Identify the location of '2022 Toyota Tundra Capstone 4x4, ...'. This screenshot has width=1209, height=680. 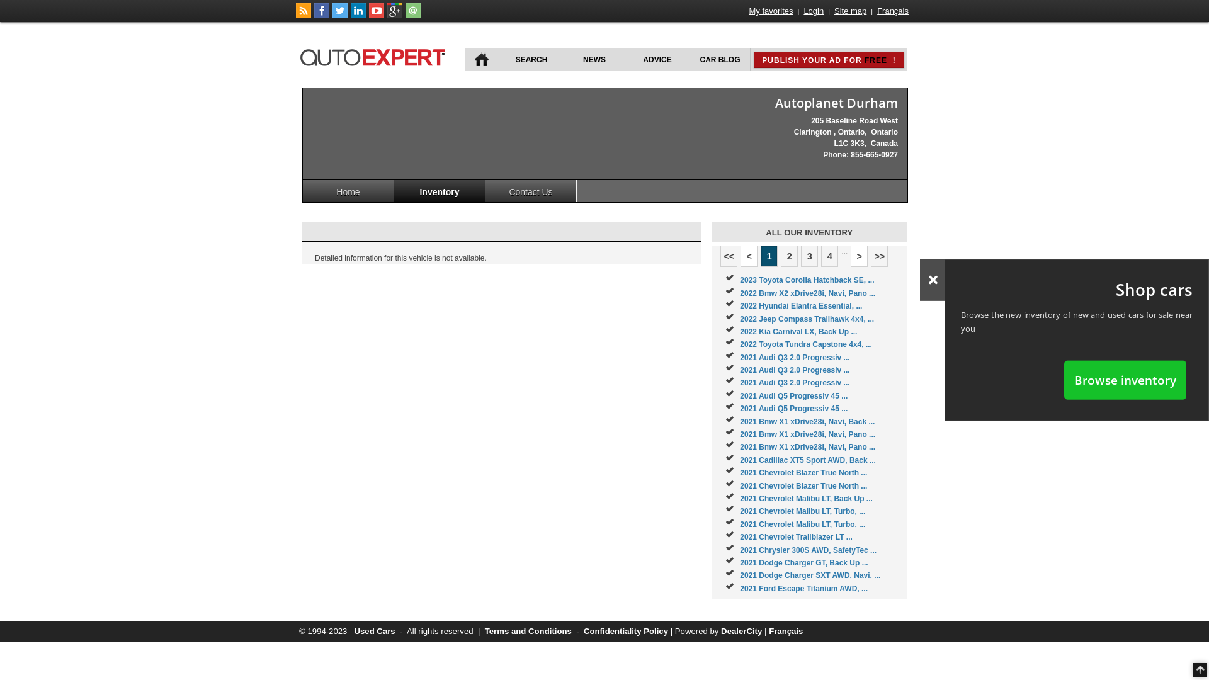
(806, 344).